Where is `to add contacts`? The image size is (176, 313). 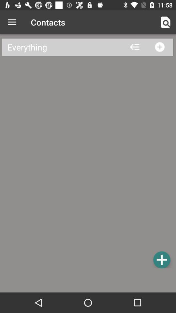
to add contacts is located at coordinates (161, 260).